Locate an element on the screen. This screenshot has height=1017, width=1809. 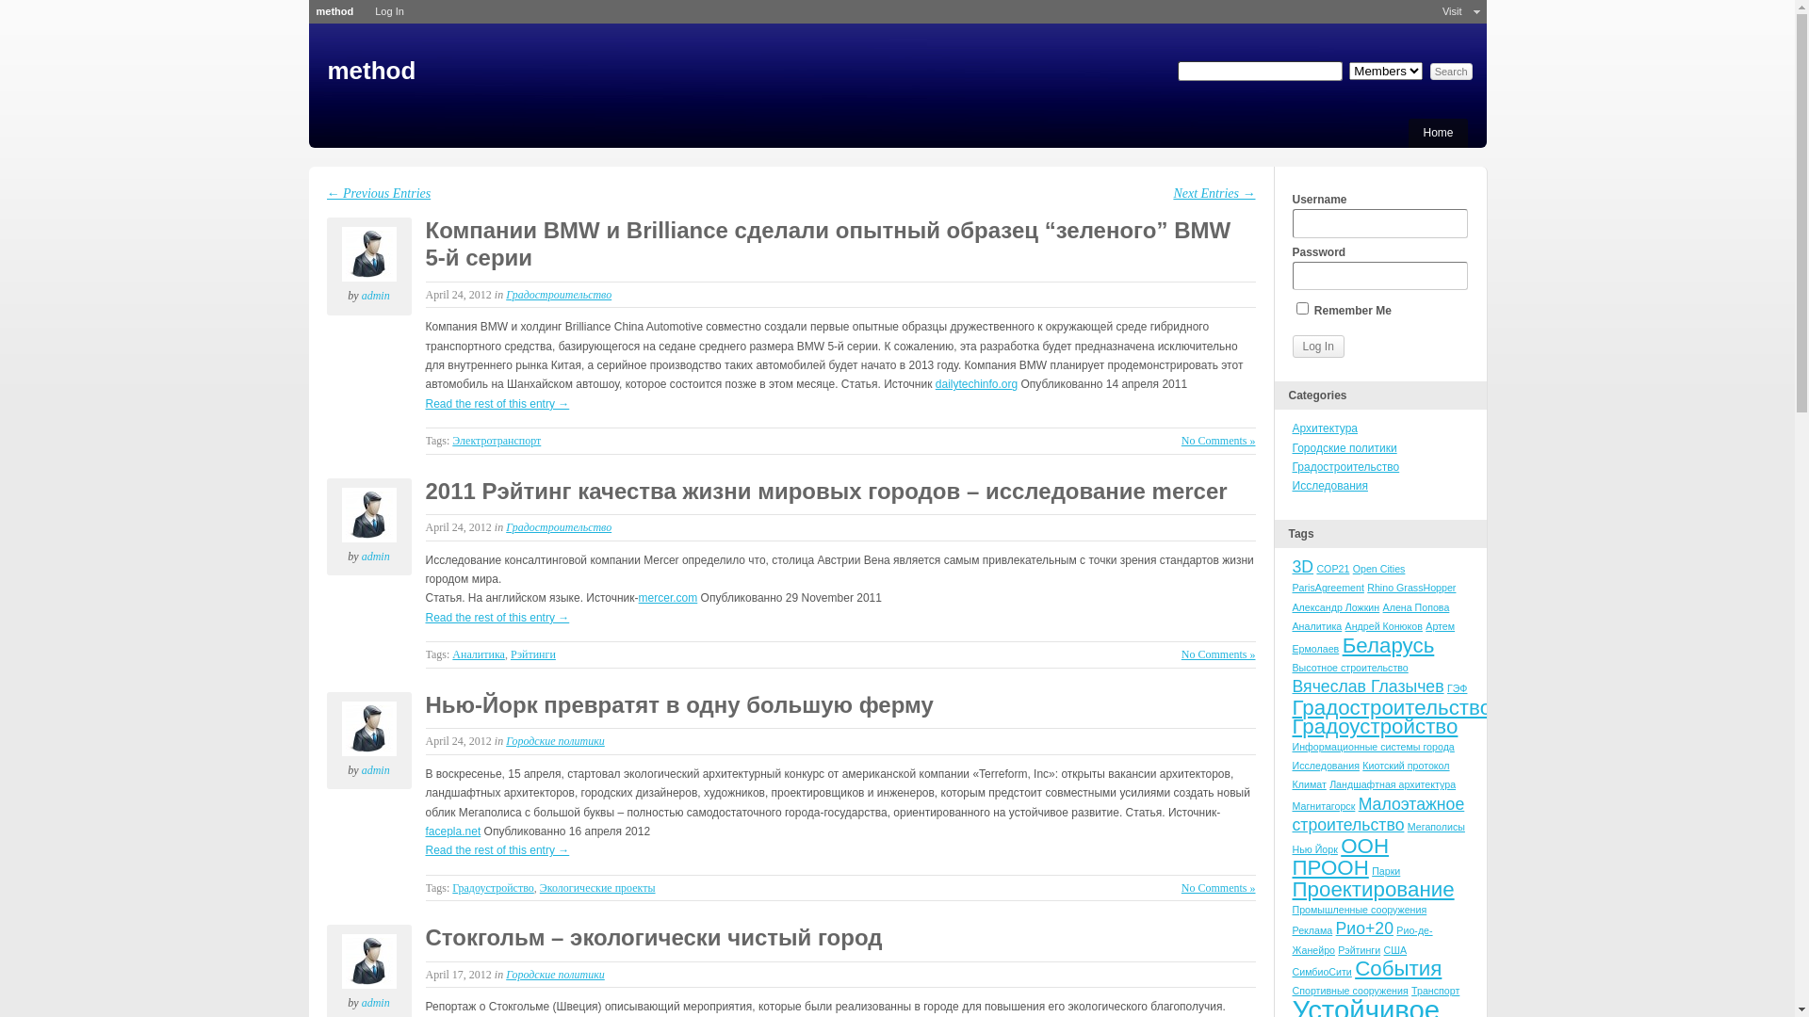
'Log In' is located at coordinates (1317, 346).